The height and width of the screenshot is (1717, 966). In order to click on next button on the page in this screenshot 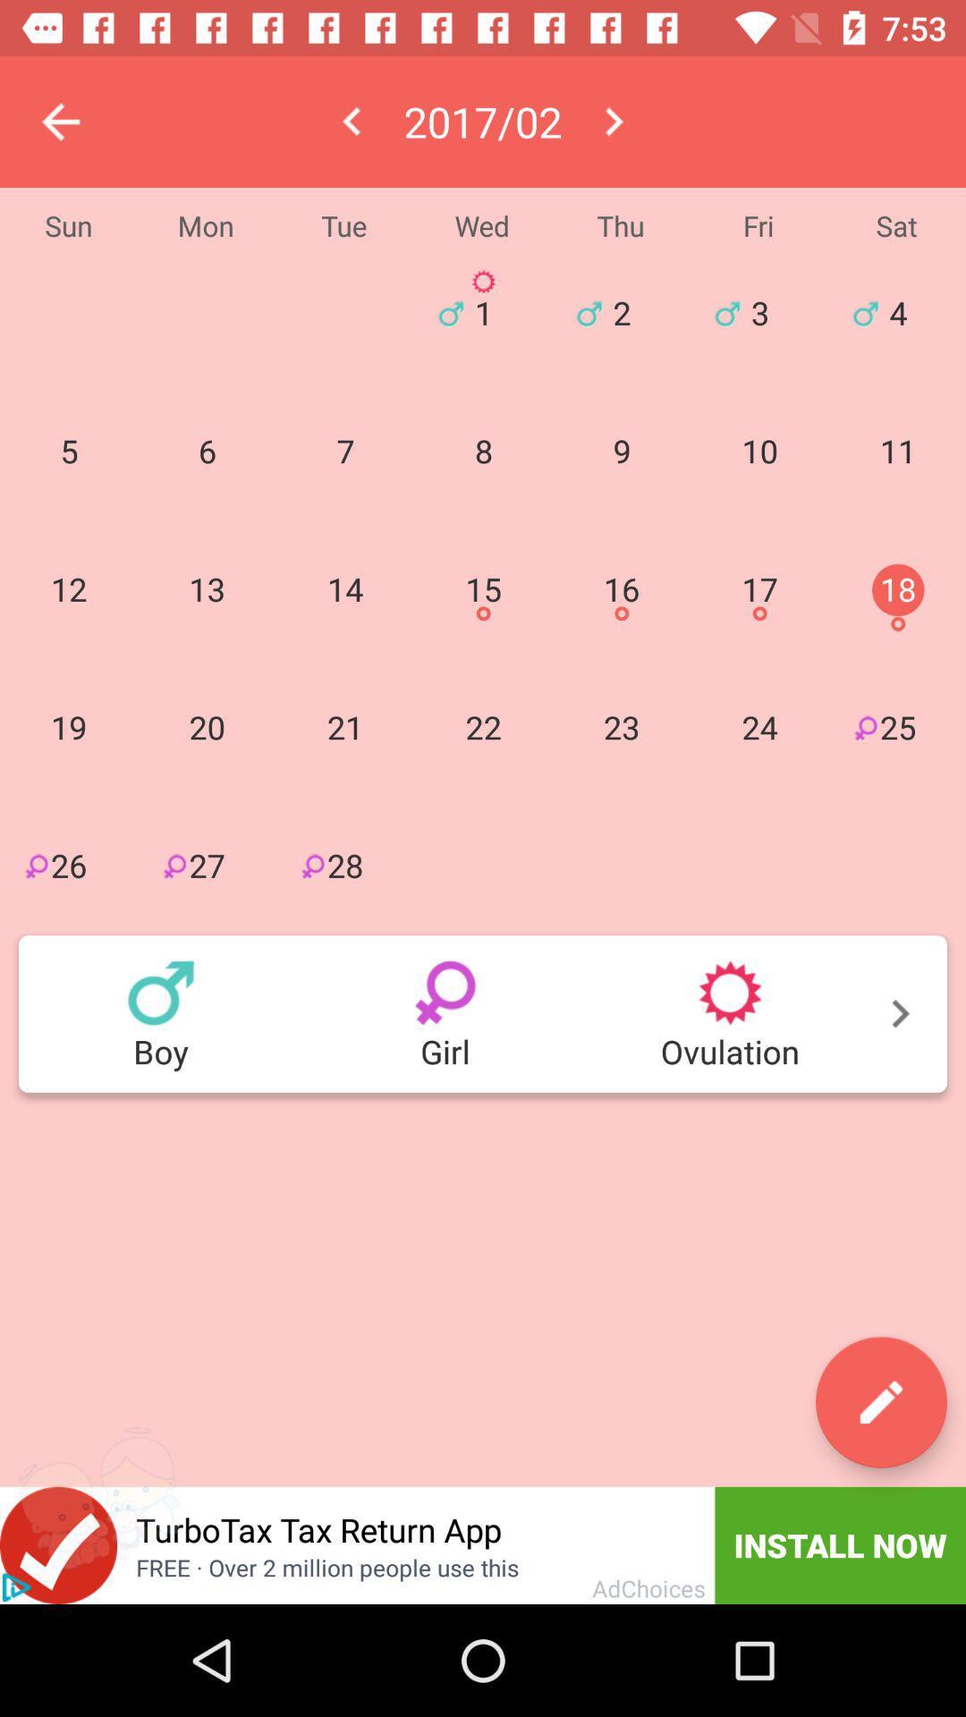, I will do `click(483, 1013)`.